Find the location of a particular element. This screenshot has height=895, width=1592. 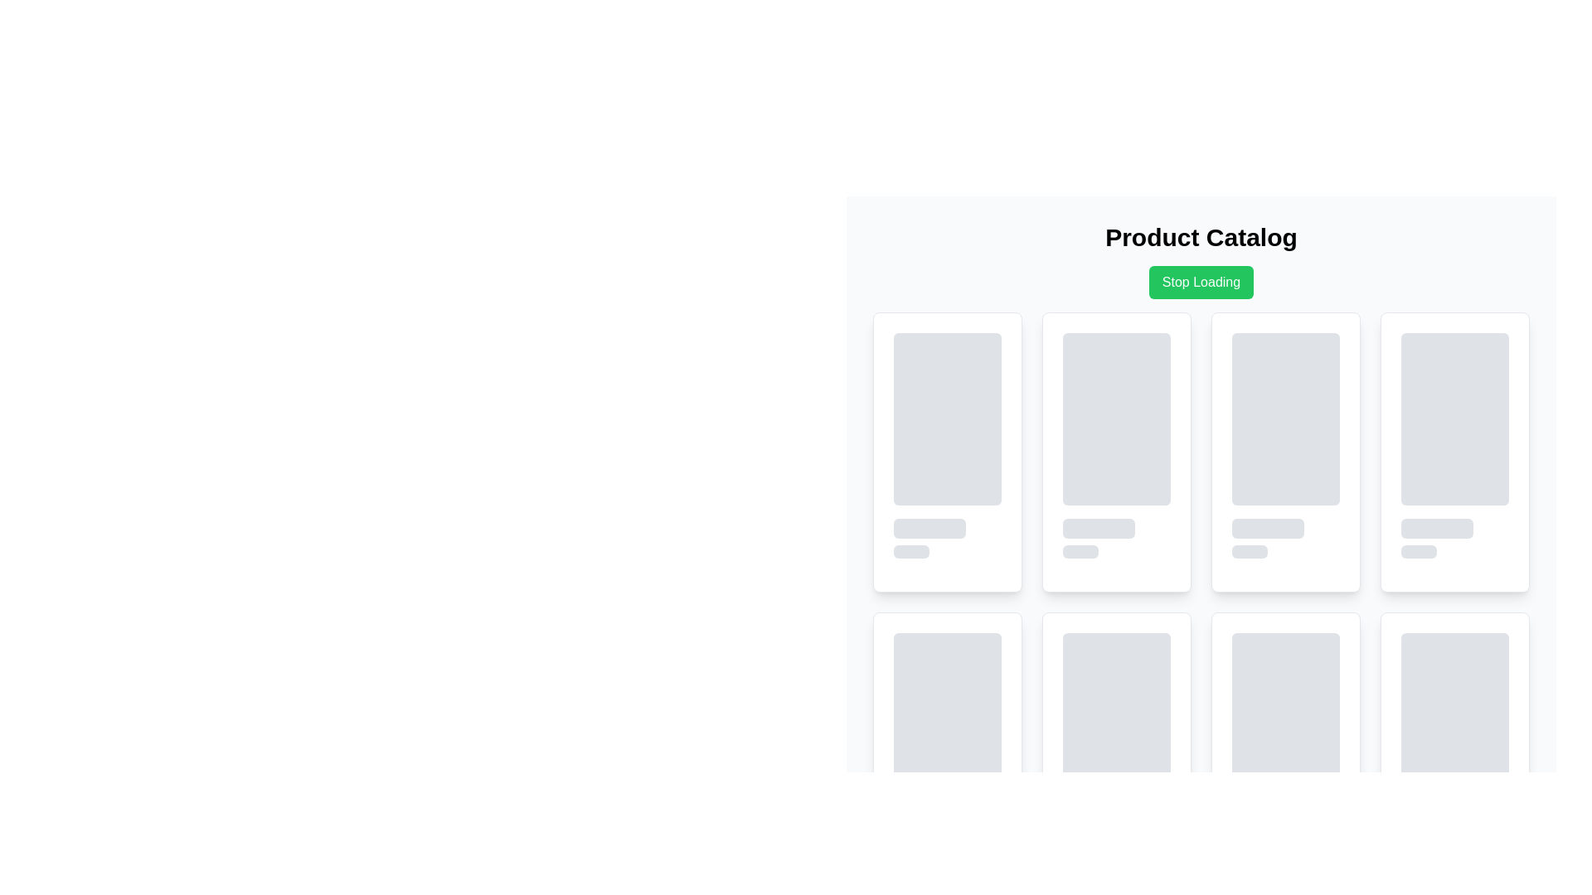

the visual placeholder with a gray background and rounded corners located in the top section of the fourth card from the left in the first row of a grid layout is located at coordinates (1454, 418).